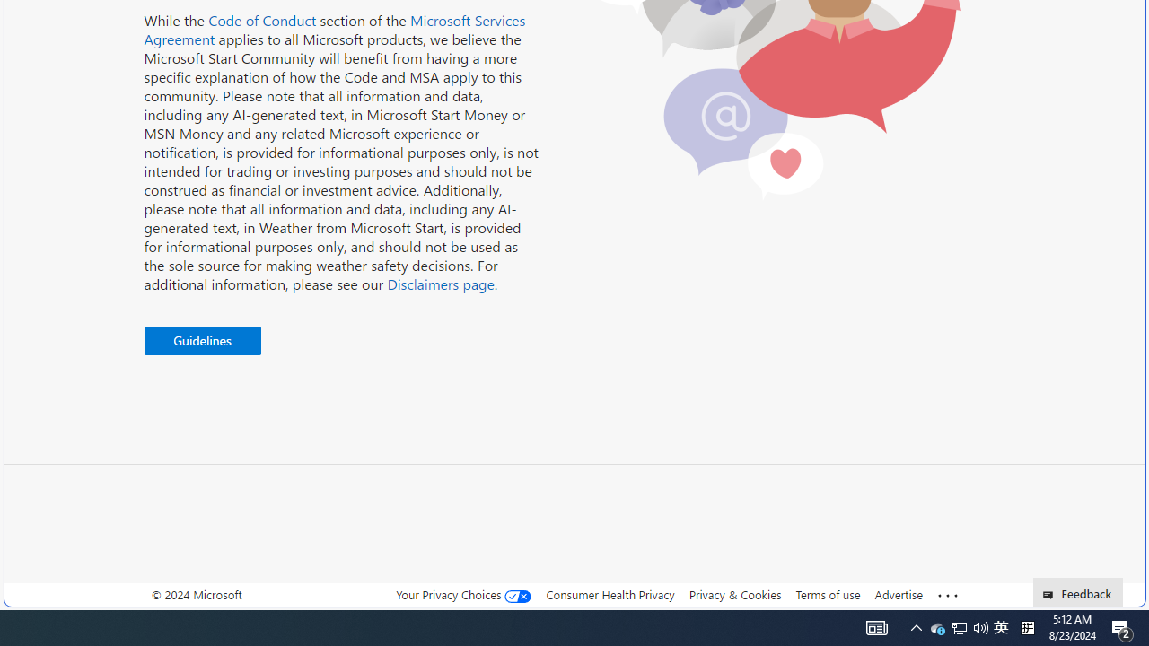  Describe the element at coordinates (335, 30) in the screenshot. I see `'Microsoft Services Agreement'` at that location.